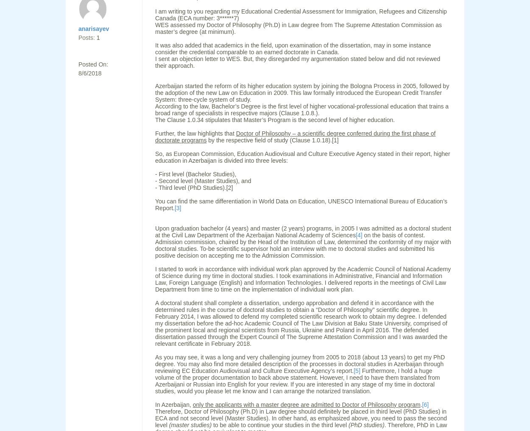 The height and width of the screenshot is (431, 530). Describe the element at coordinates (301, 323) in the screenshot. I see `'A doctoral student shall complete a dissertation, undergo approbation and defend it in accordance with the determined rules in the course of doctoral studies to obtain a “Doctor of Philosophy” scientific degree. In February 2014, I was allowed to defend my completed scientific research work to obtain my degree. I defended my dissertation before the ad-hoc Academic Council of The Law Division at Baku State University, comprised of the prominent local and regional scientists from Russia, Ukraine and Poland in April 2016. The defended dissertation passed through the Expert Council of The Supreme Attestation Commission and I was awarded the relevant certificate in February 2018.'` at that location.